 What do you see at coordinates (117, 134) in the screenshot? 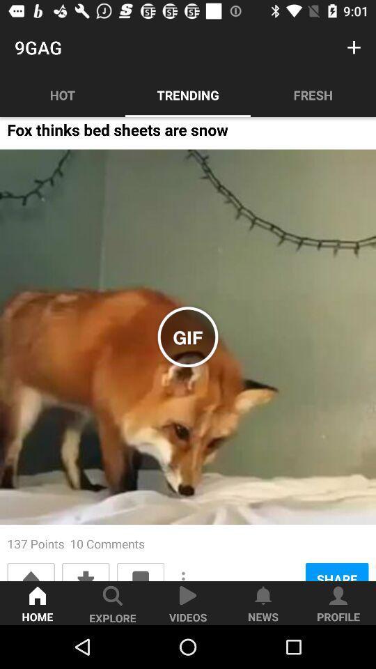
I see `fox thinks bed item` at bounding box center [117, 134].